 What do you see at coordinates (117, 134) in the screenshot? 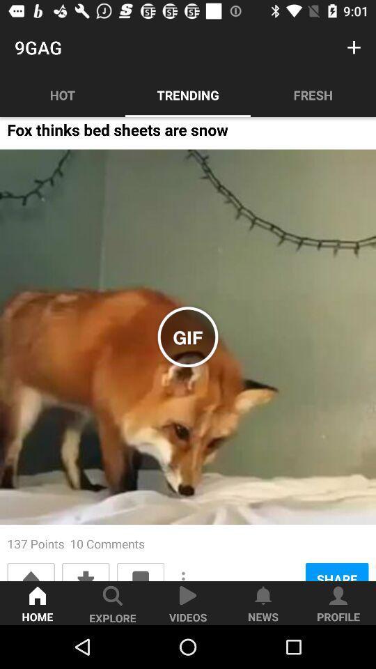
I see `fox thinks bed item` at bounding box center [117, 134].